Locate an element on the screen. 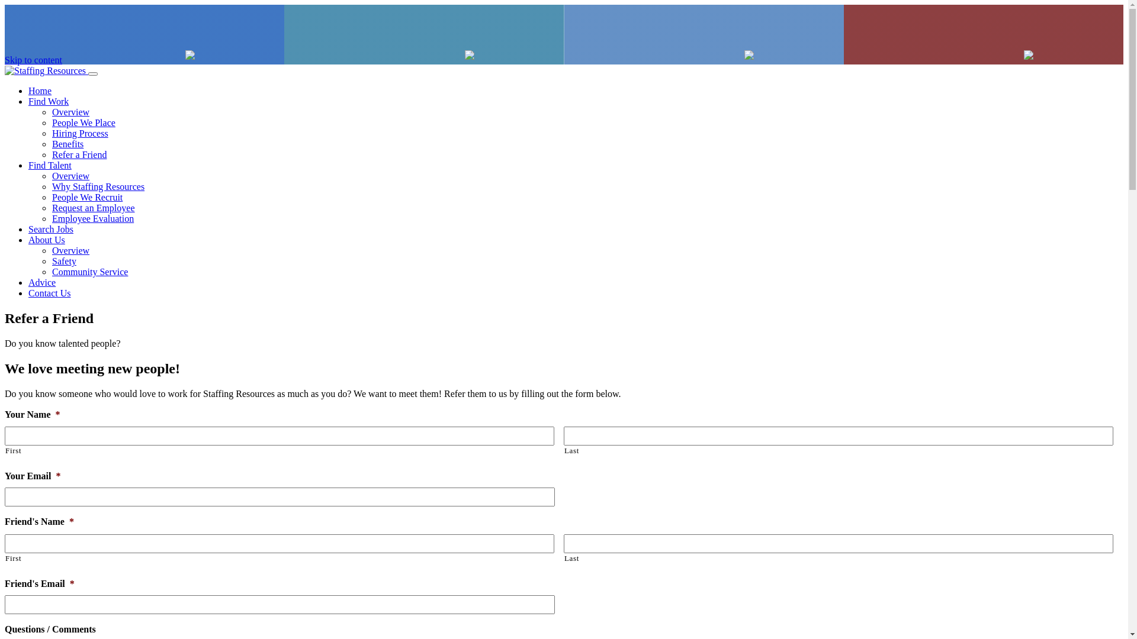  'Refer a Friend' is located at coordinates (79, 154).